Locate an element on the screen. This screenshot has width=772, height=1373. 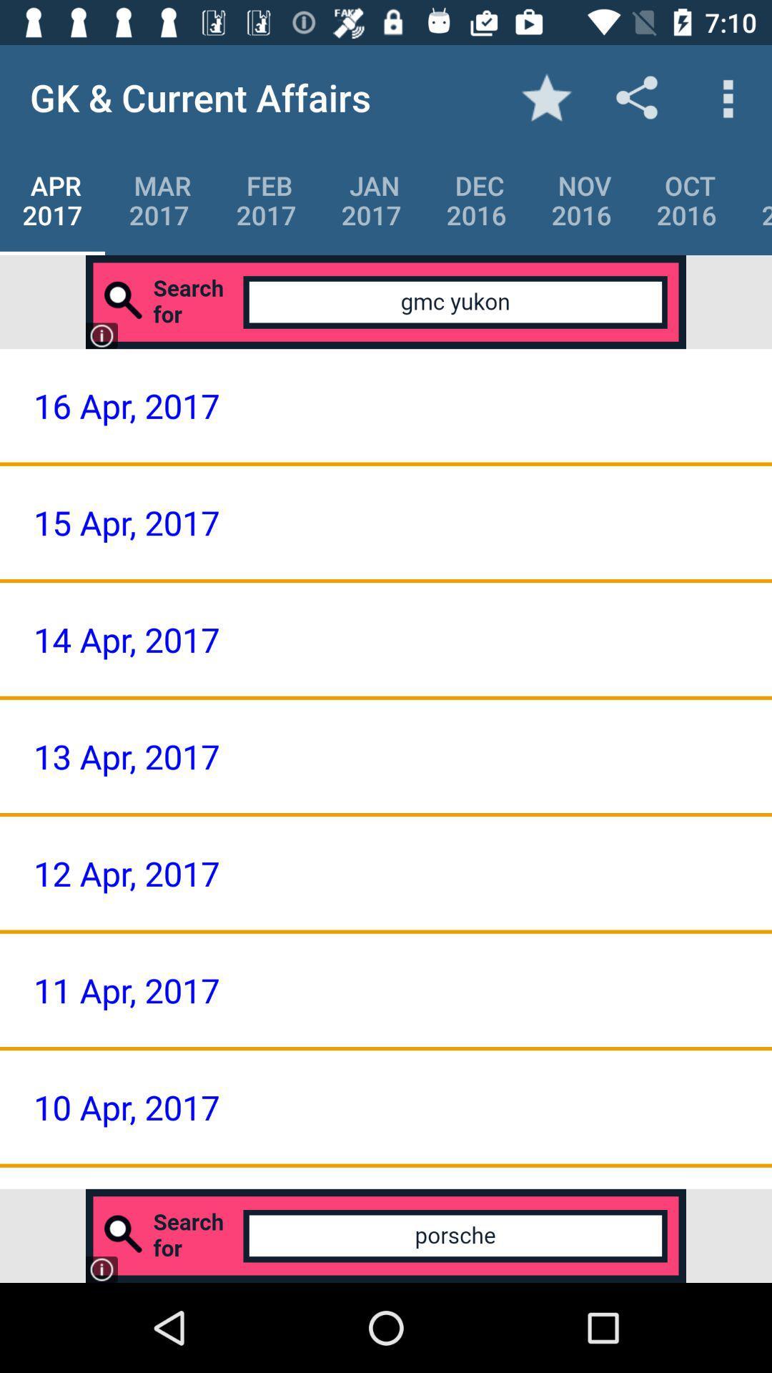
the  nov is located at coordinates (581, 200).